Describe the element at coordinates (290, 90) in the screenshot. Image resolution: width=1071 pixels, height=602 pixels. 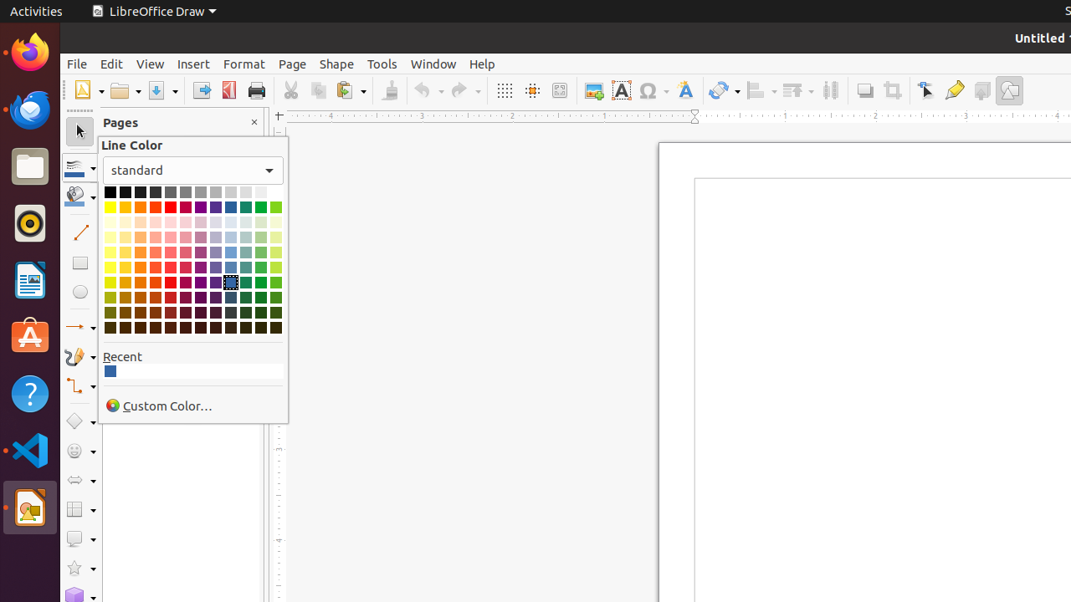
I see `'Cut'` at that location.